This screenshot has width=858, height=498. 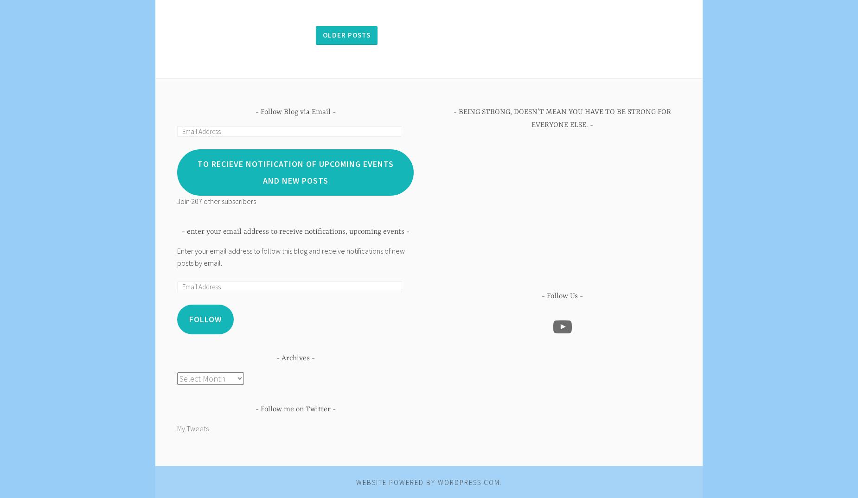 I want to click on '.', so click(x=500, y=482).